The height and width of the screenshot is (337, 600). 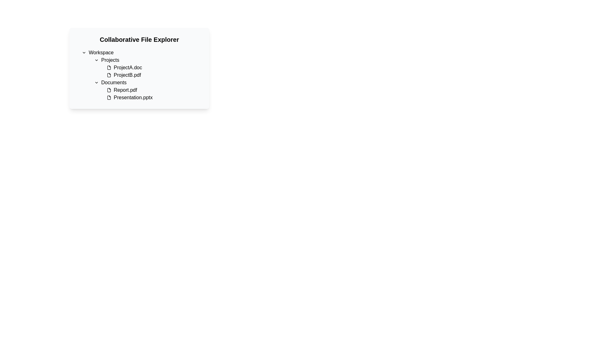 What do you see at coordinates (96, 82) in the screenshot?
I see `the downward-pointing chevron icon next to the 'Documents' label` at bounding box center [96, 82].